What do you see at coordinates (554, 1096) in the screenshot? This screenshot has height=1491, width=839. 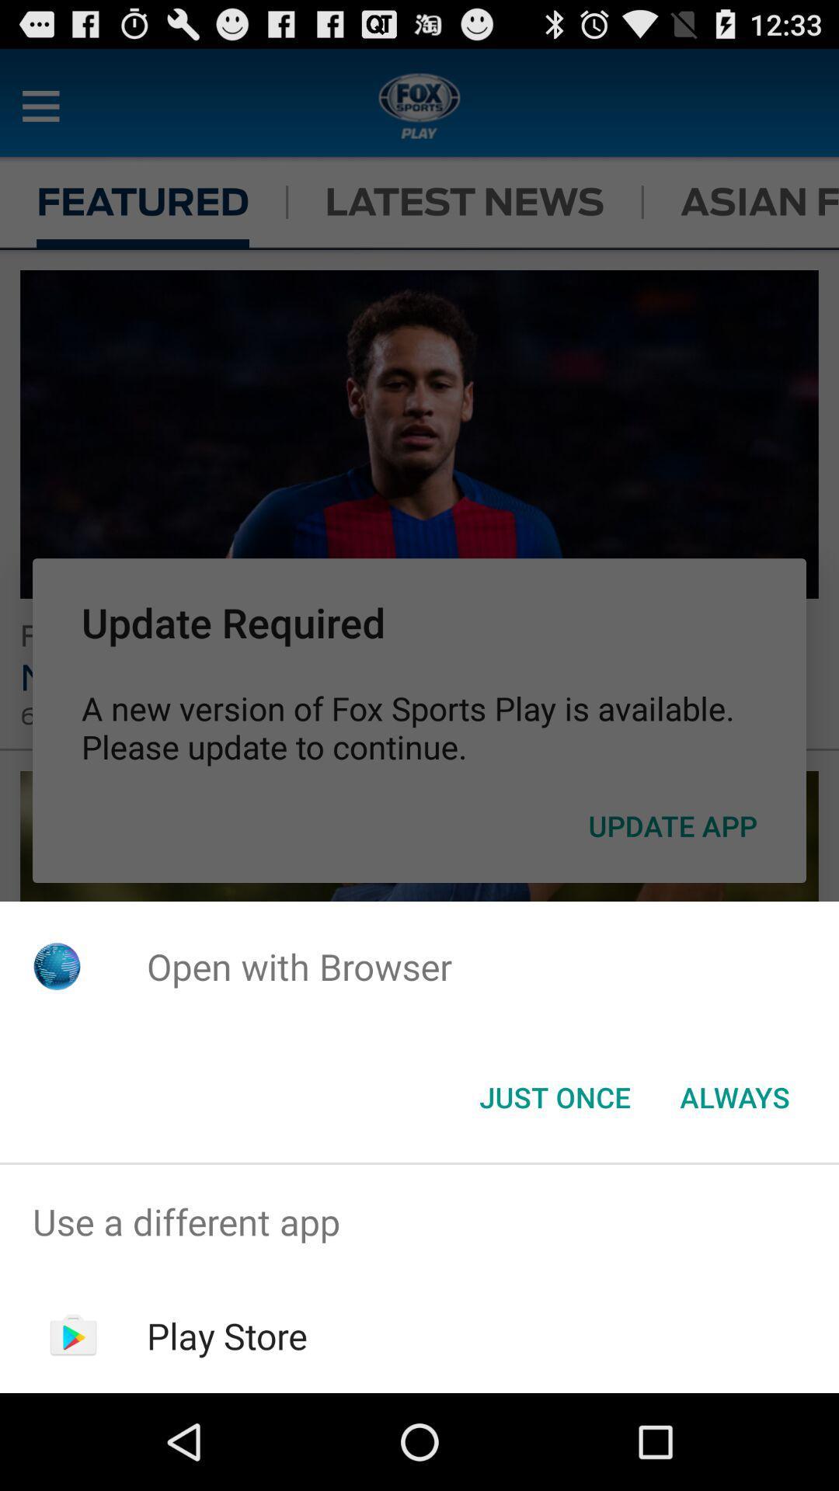 I see `button next to always item` at bounding box center [554, 1096].